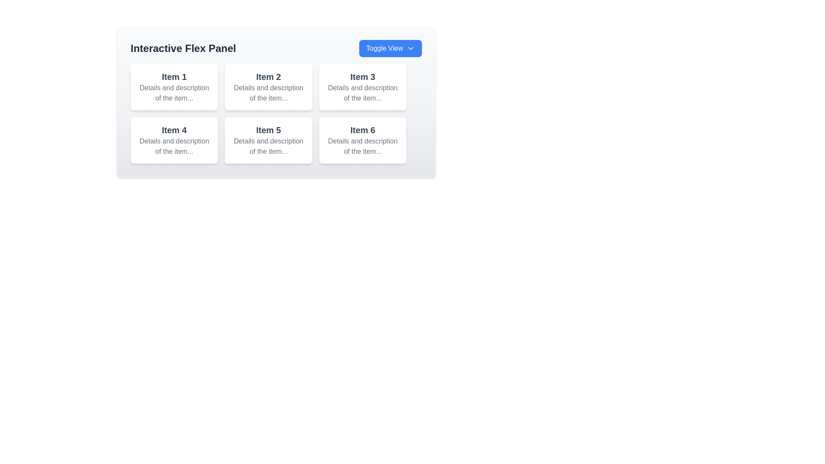  What do you see at coordinates (363, 76) in the screenshot?
I see `the Text Label titled 'Item 3' located in the top right corner of the grid layout` at bounding box center [363, 76].